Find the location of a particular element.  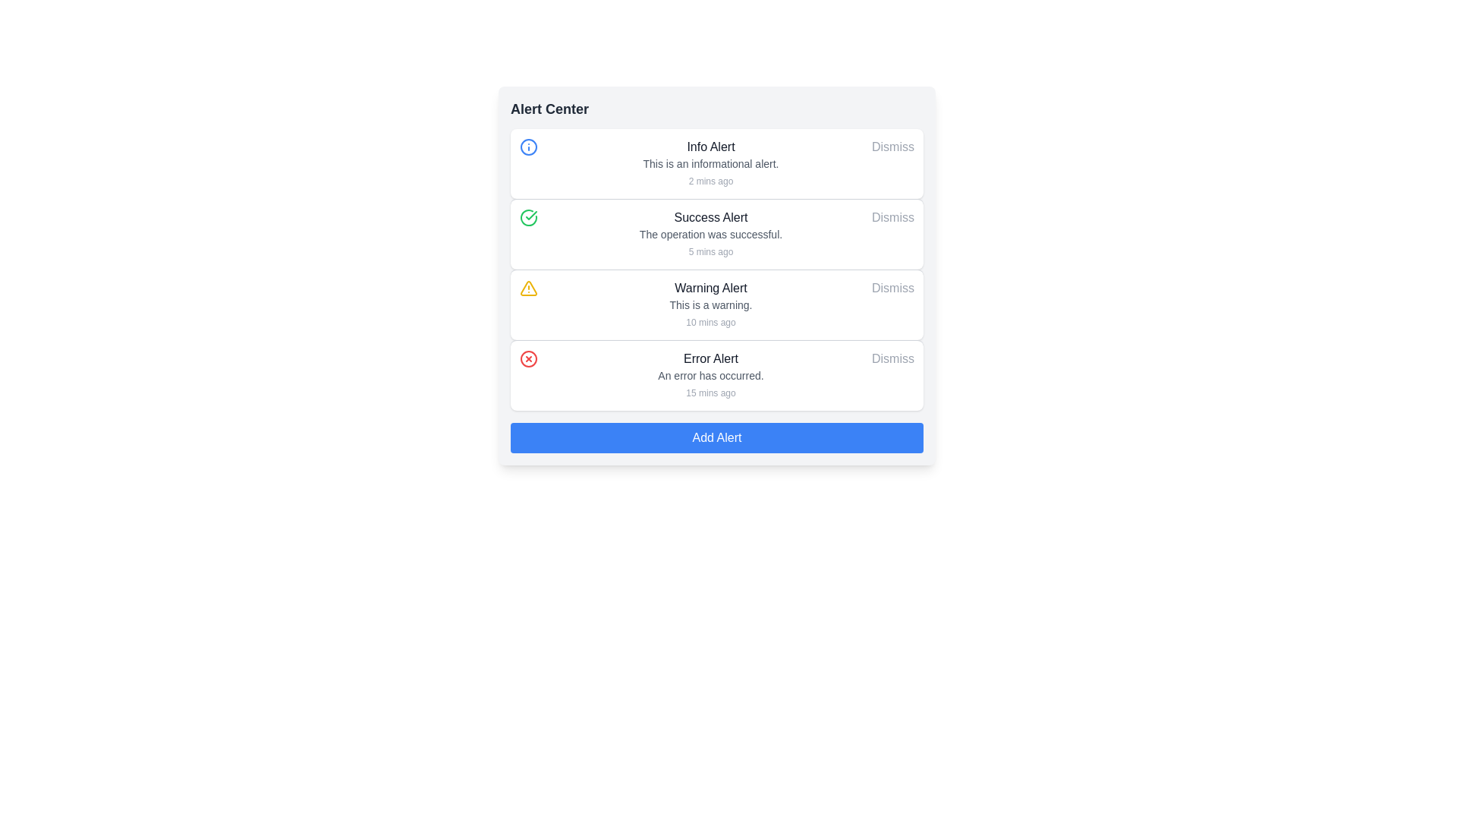

the error indicator icon located at the leftmost side of the error alert card, which precedes the text 'Error Alert' is located at coordinates (528, 359).